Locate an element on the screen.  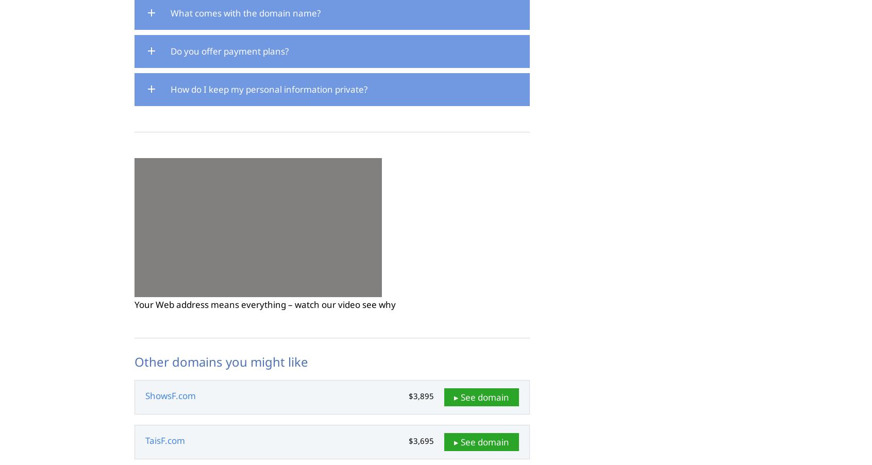
'$3,895' is located at coordinates (409, 395).